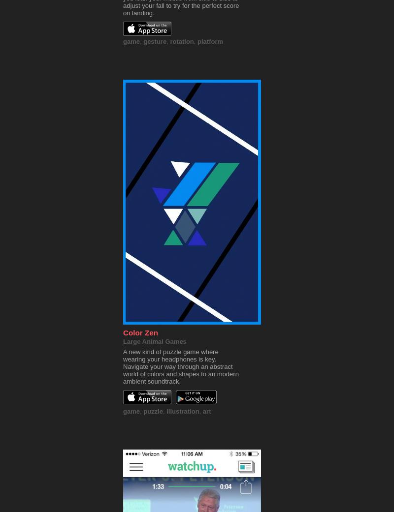 This screenshot has width=394, height=512. Describe the element at coordinates (181, 41) in the screenshot. I see `'rotation'` at that location.